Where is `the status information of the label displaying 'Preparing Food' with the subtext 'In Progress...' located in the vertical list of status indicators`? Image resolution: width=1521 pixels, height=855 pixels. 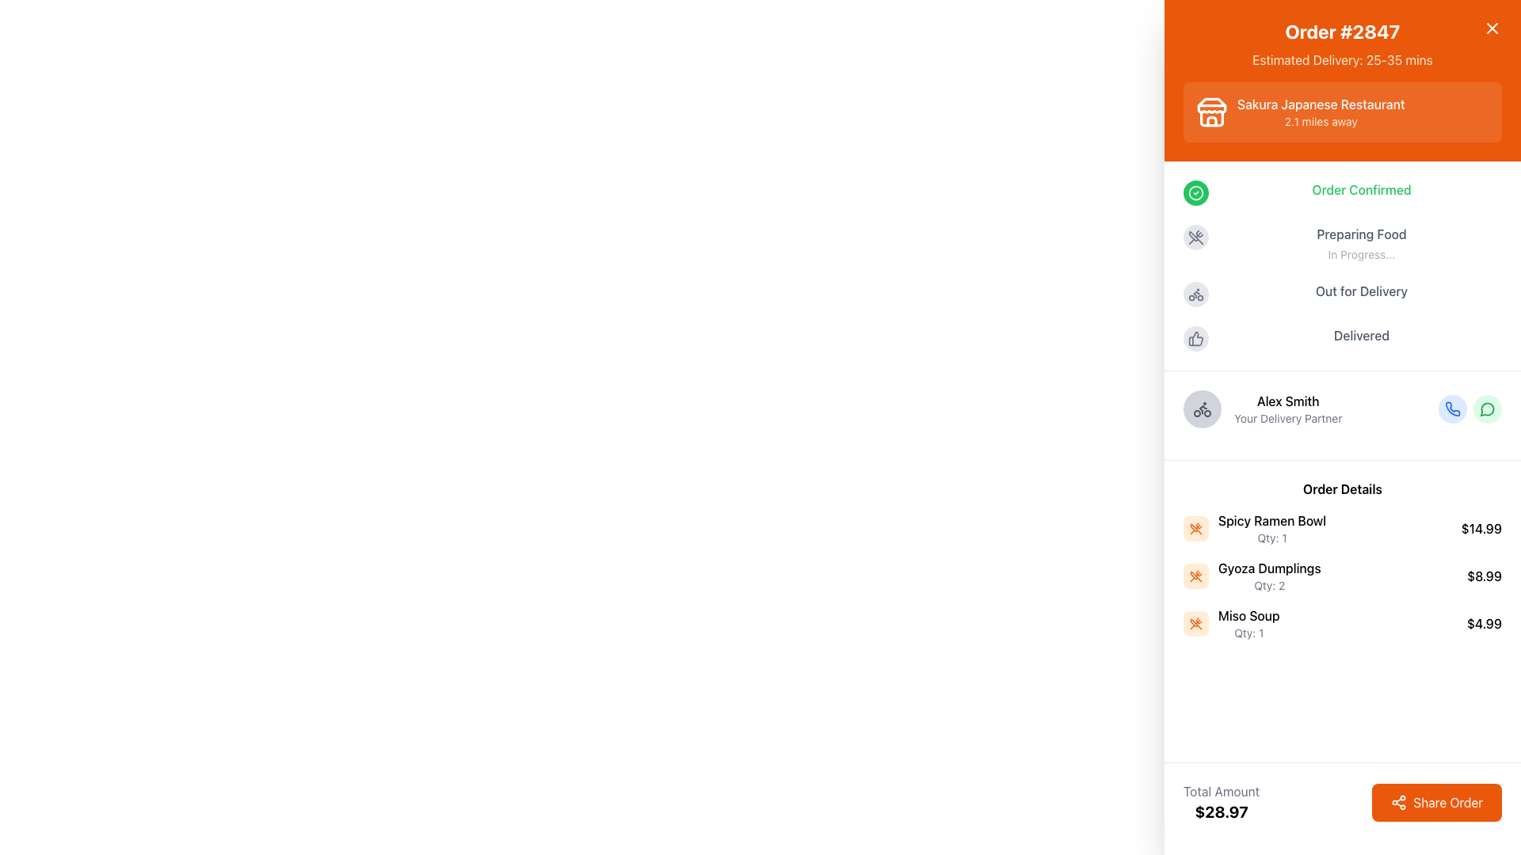
the status information of the label displaying 'Preparing Food' with the subtext 'In Progress...' located in the vertical list of status indicators is located at coordinates (1341, 244).